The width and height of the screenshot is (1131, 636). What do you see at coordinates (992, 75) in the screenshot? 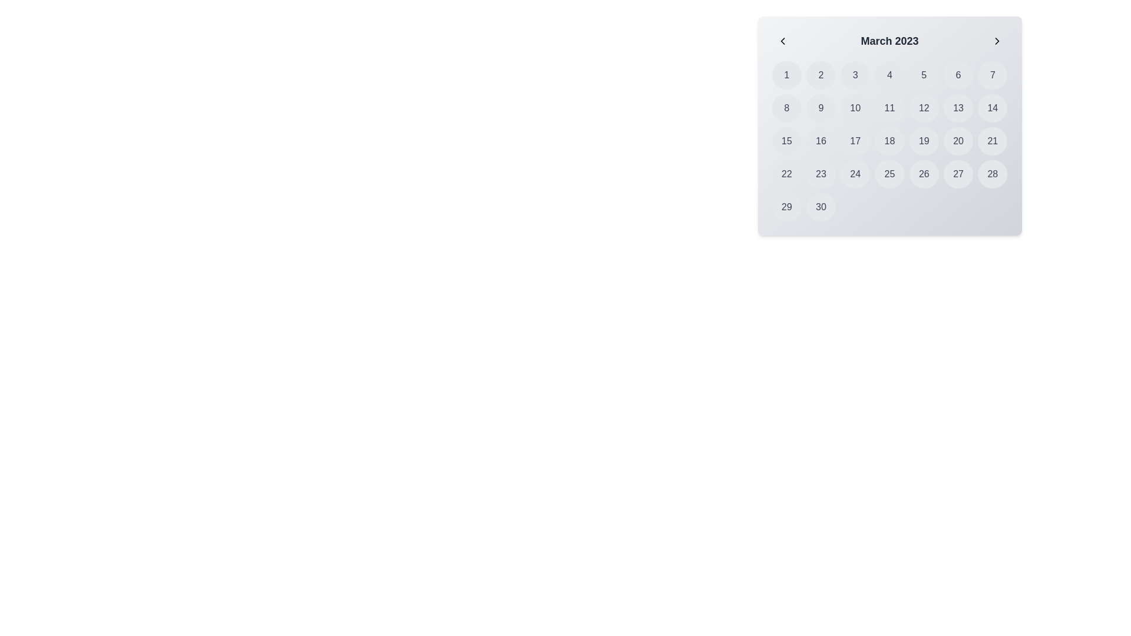
I see `the button labeled '7' in the calendar grid, which has a rounded border and a light-gray background` at bounding box center [992, 75].